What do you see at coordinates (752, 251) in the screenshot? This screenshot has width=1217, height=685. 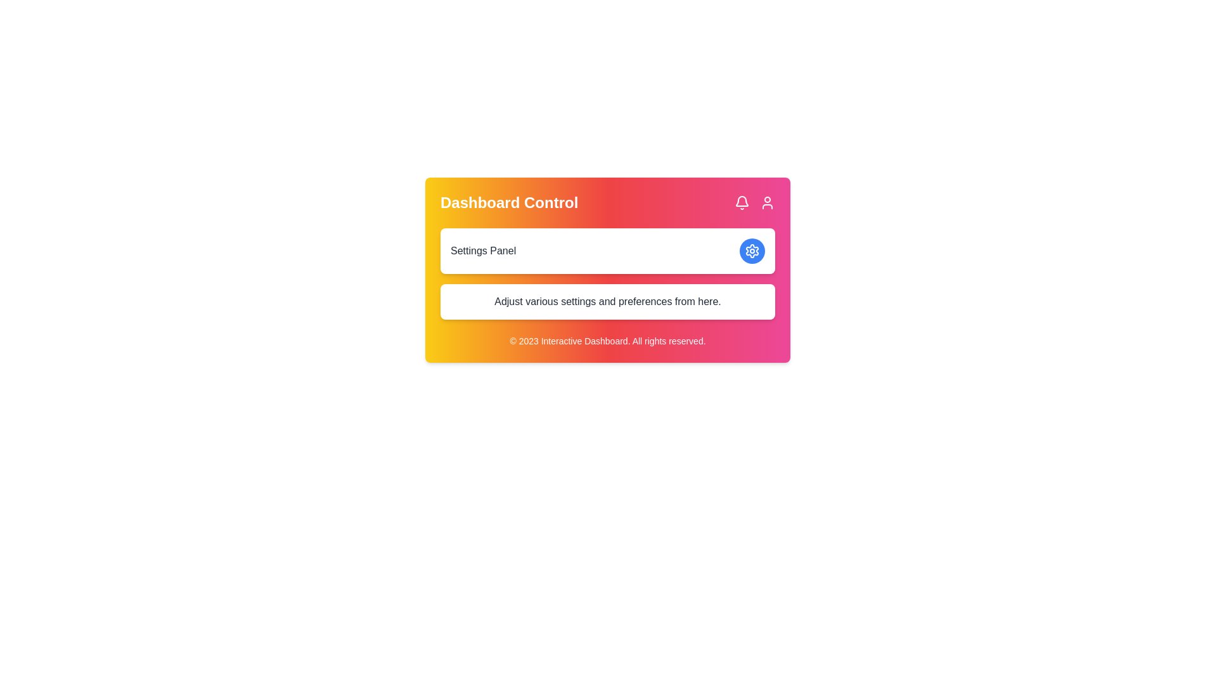 I see `the circular blue button with a white gear icon located at the top-right corner of the 'Settings Panel'` at bounding box center [752, 251].